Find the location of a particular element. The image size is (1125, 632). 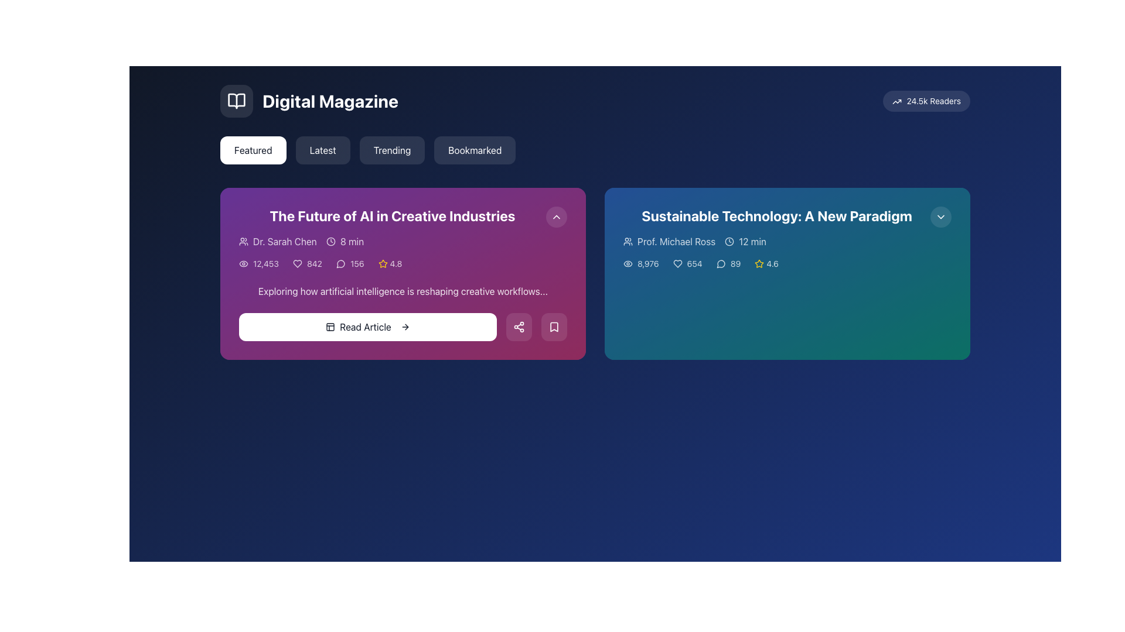

the static text displaying '12 min' with the accompanying clock icon, located in the 'Sustainable Technology: A New Paradigm' card, positioned below the author's name and icon is located at coordinates (745, 241).